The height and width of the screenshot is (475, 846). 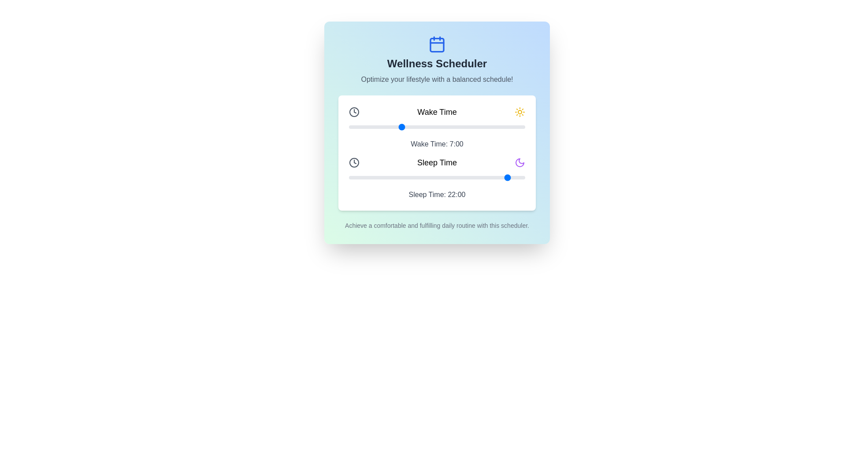 I want to click on the 'Wake Time' label, which features a clock icon on the left and a sun icon on the right, positioned above the 'Wake Time: 7:00' slider, so click(x=437, y=111).